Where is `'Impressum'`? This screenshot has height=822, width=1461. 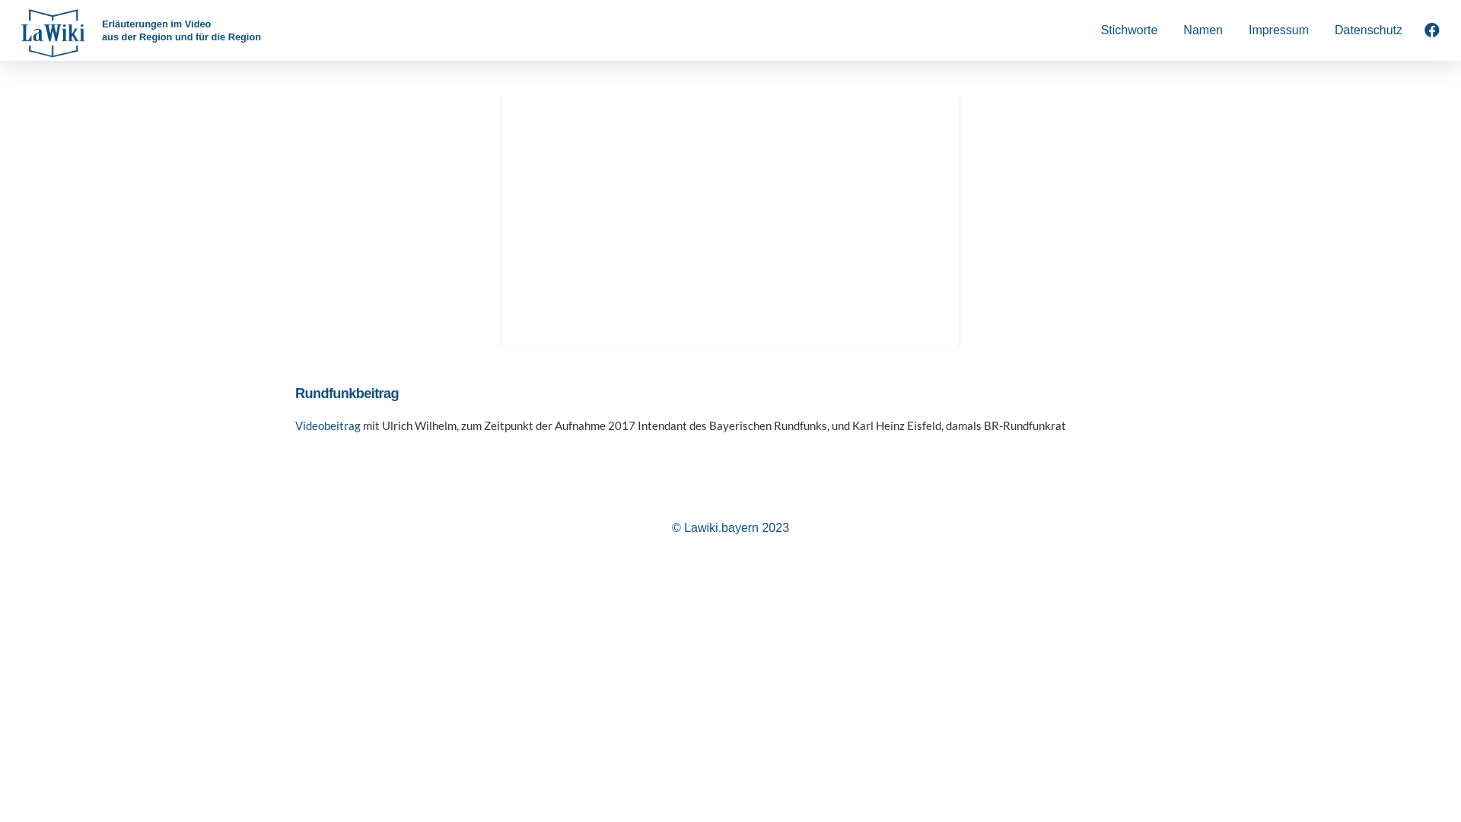 'Impressum' is located at coordinates (1278, 30).